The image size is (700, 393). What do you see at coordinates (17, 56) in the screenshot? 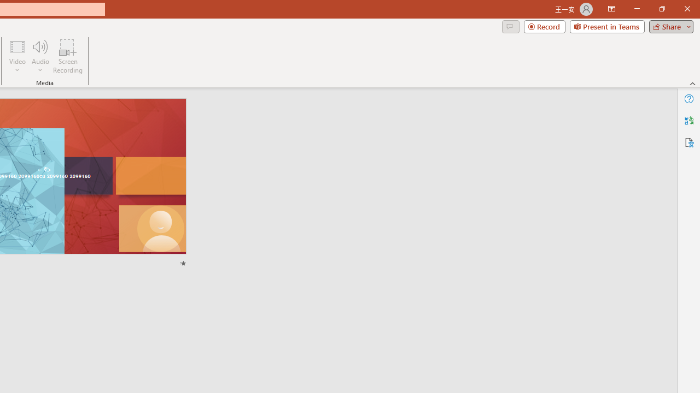
I see `'Video'` at bounding box center [17, 56].